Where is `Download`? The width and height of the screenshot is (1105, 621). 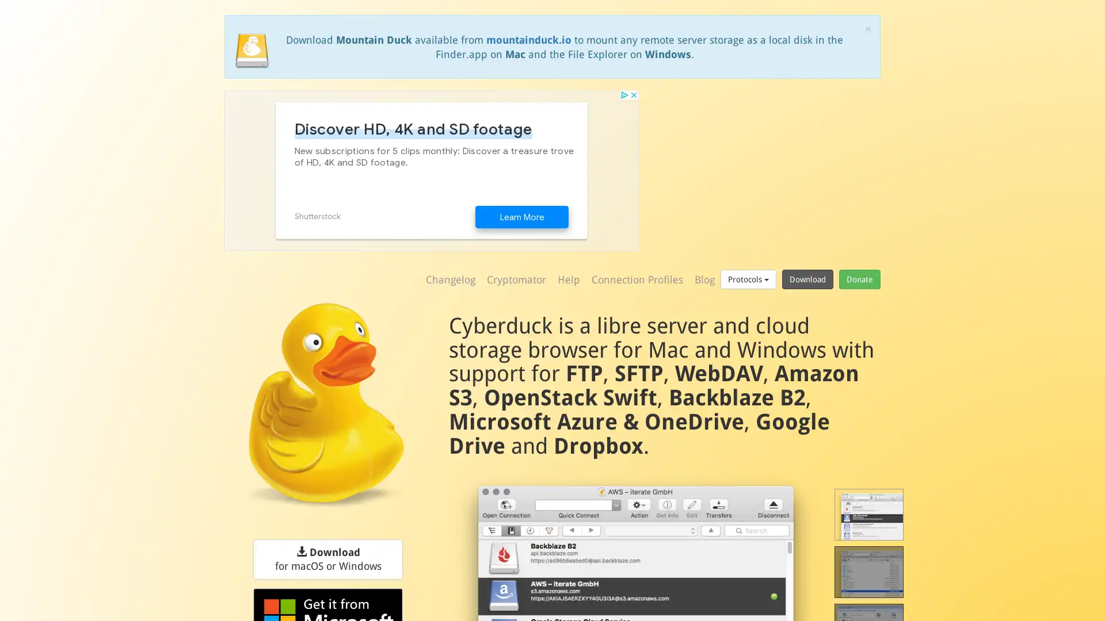 Download is located at coordinates (807, 279).